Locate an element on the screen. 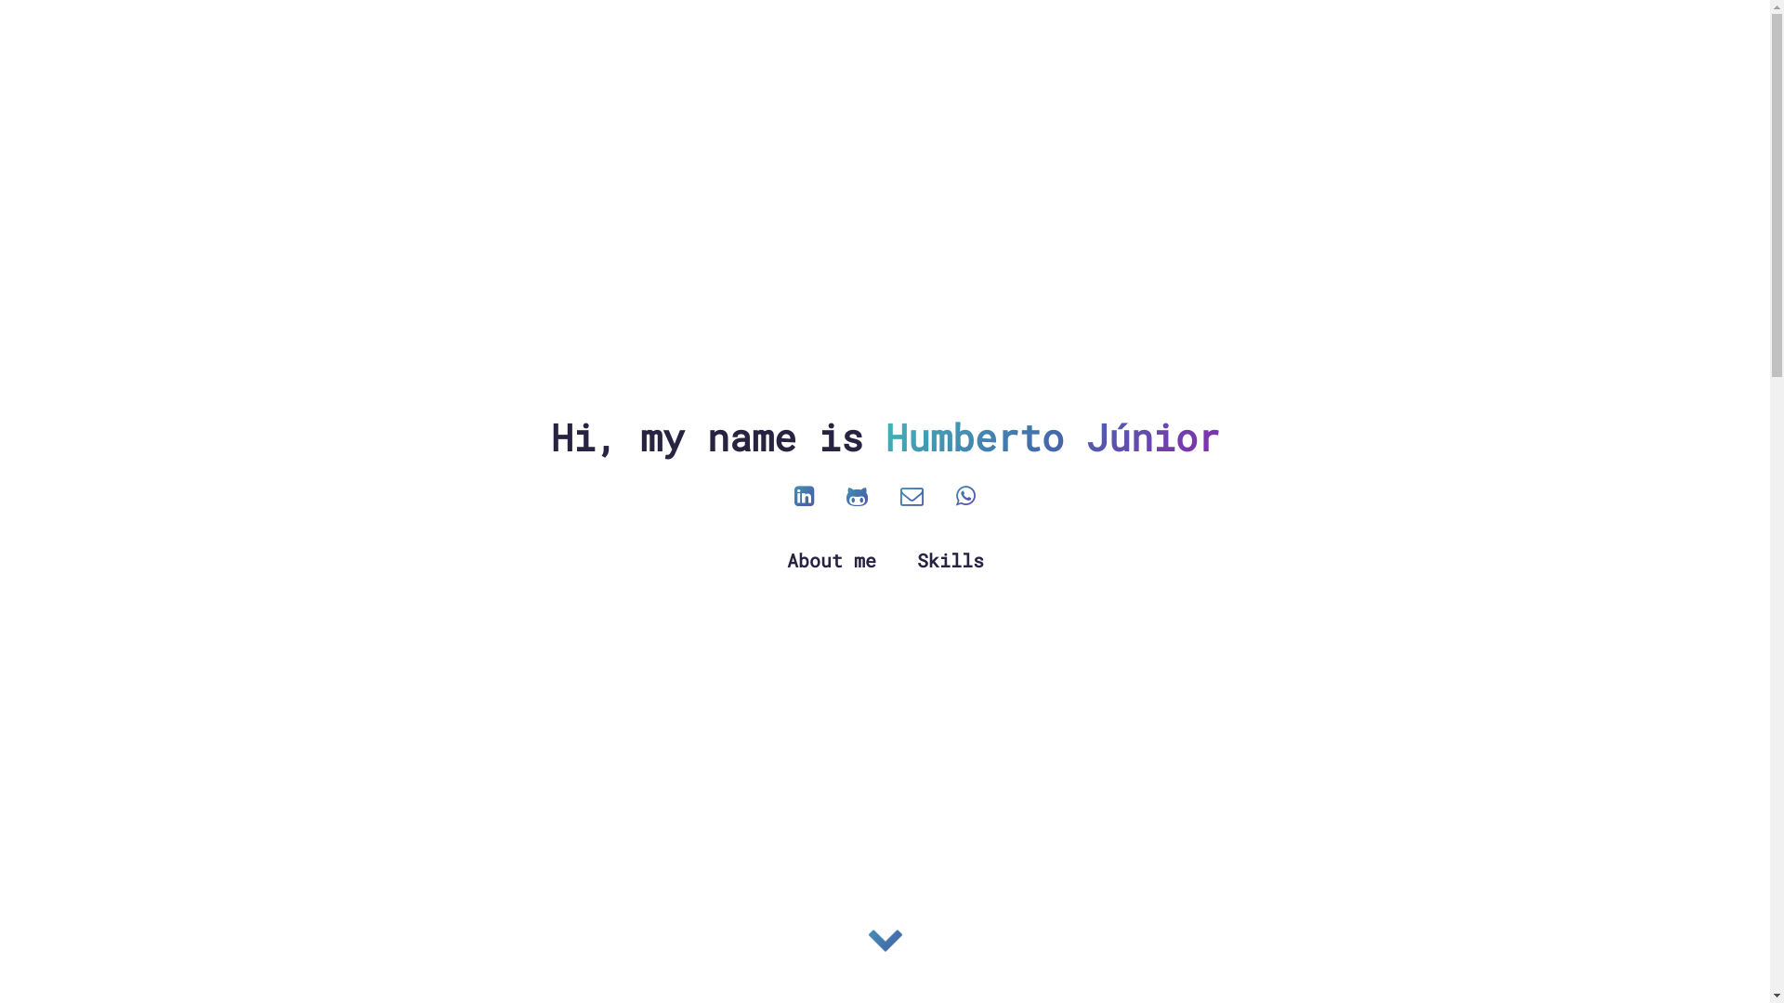 The height and width of the screenshot is (1003, 1784). 'Skills' is located at coordinates (950, 558).